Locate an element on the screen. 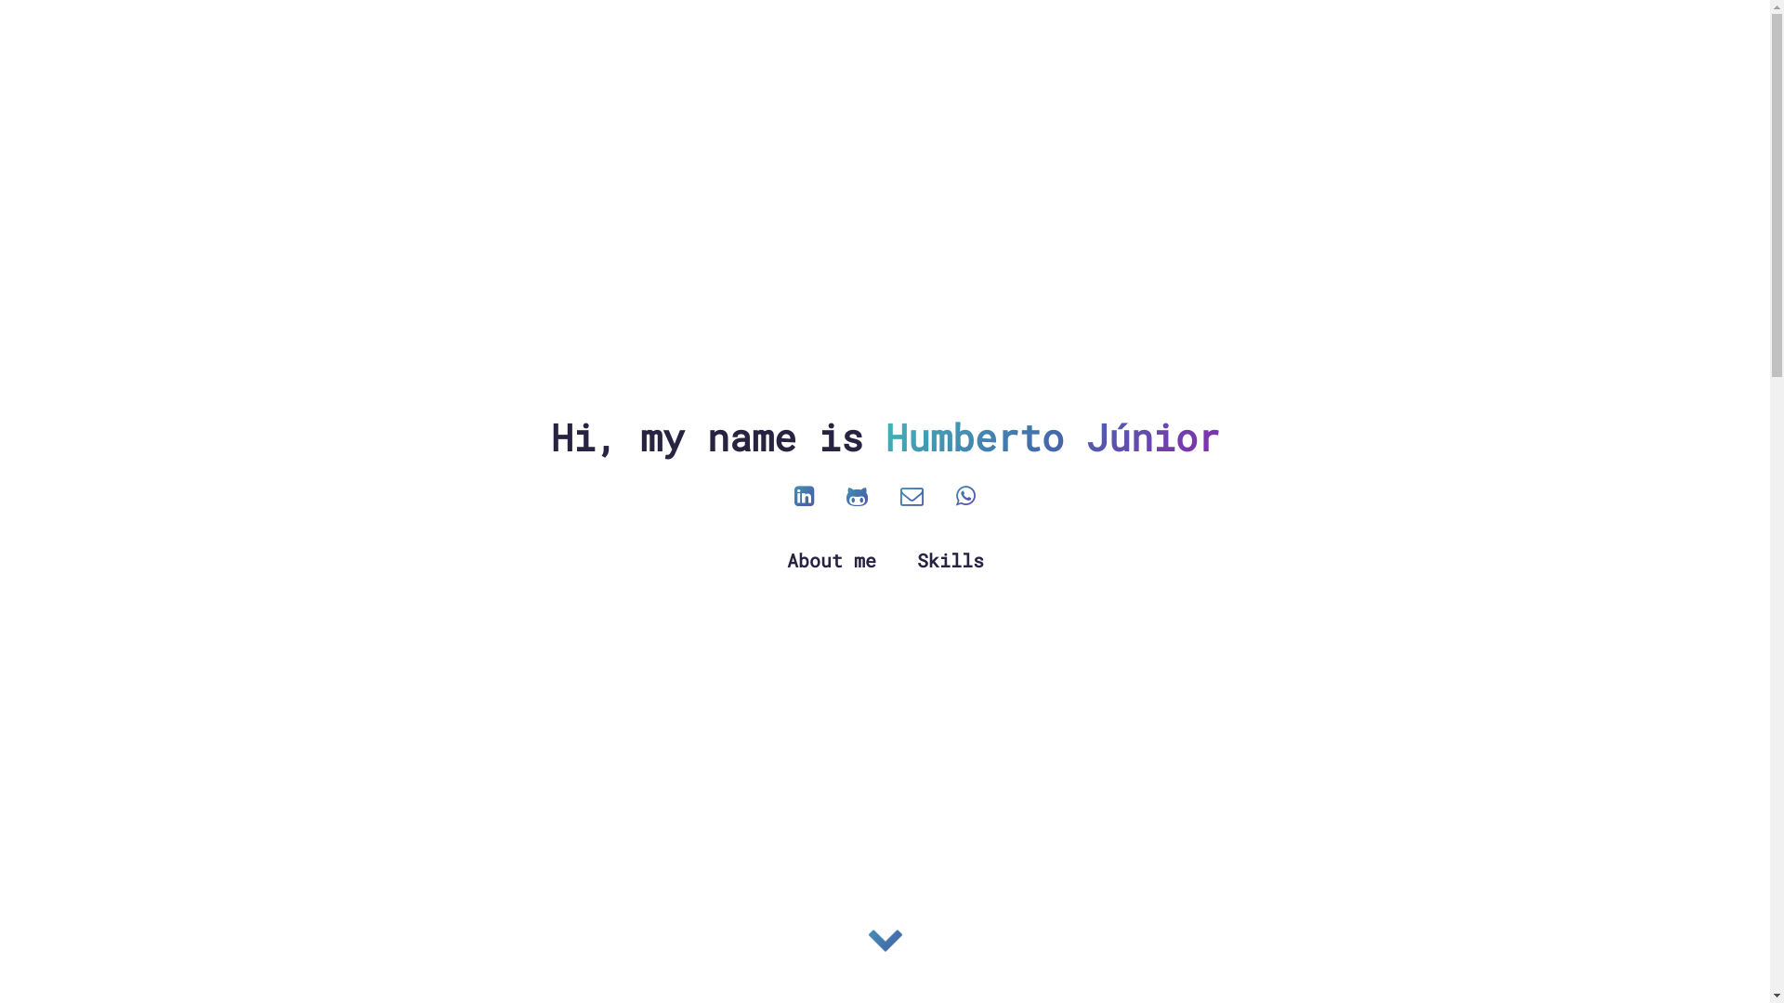 The height and width of the screenshot is (1003, 1784). 'Skills' is located at coordinates (950, 558).